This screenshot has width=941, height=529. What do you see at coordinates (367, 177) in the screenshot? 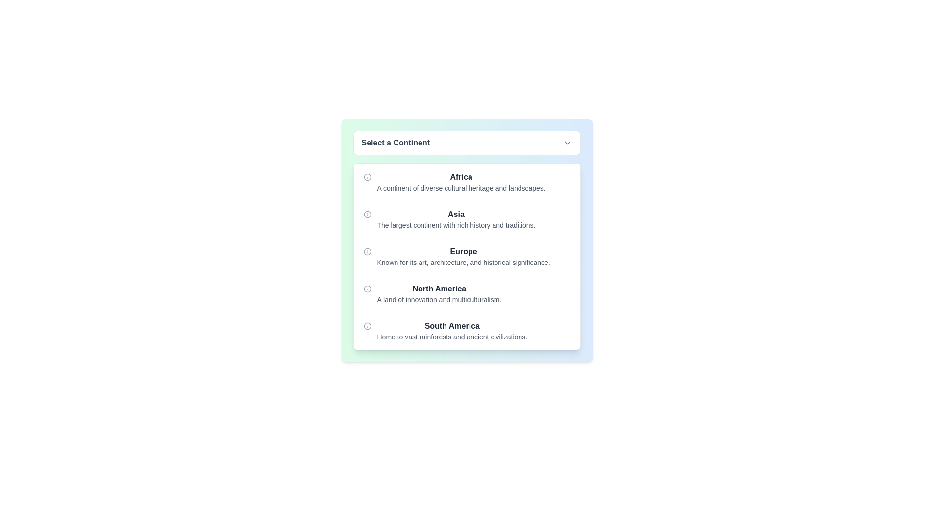
I see `the information icon located to the left of the 'Africa' text` at bounding box center [367, 177].